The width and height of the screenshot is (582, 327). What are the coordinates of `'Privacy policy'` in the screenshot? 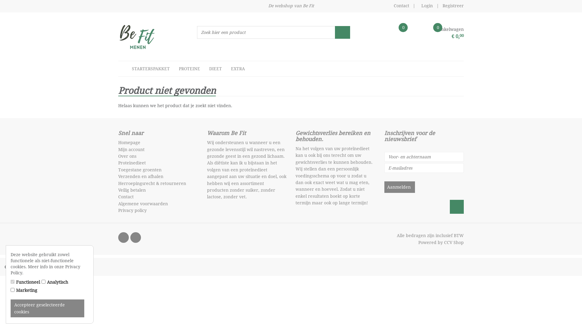 It's located at (118, 210).